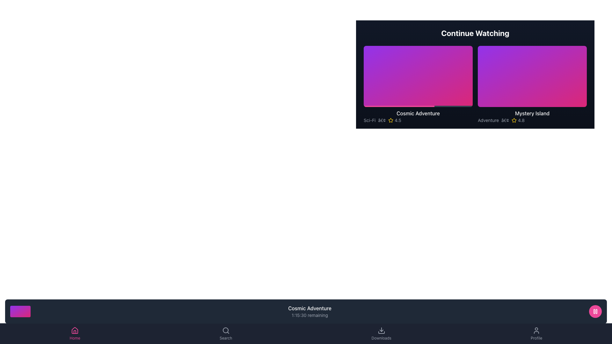 The height and width of the screenshot is (344, 612). Describe the element at coordinates (381, 333) in the screenshot. I see `the Navigation Tab, which features a download arrow icon and a label reading 'Downloads', located in the bottom navigation bar` at that location.